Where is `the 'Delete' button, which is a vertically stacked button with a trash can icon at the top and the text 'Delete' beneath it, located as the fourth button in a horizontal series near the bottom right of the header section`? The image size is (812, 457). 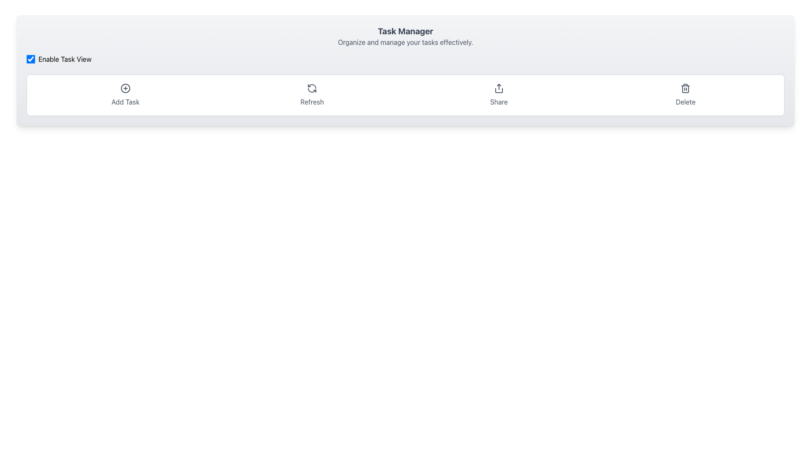 the 'Delete' button, which is a vertically stacked button with a trash can icon at the top and the text 'Delete' beneath it, located as the fourth button in a horizontal series near the bottom right of the header section is located at coordinates (686, 95).